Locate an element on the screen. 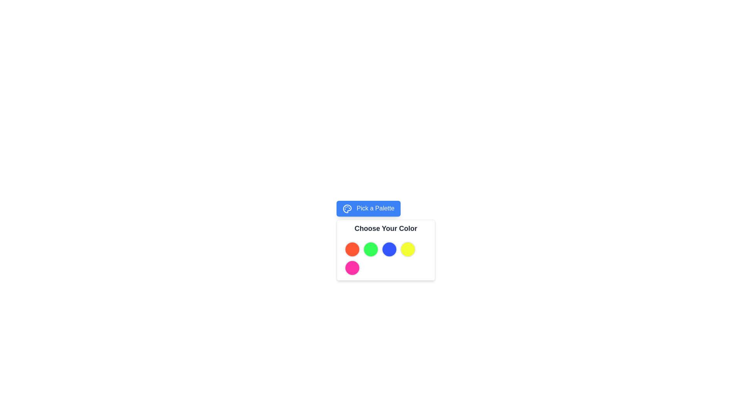 The width and height of the screenshot is (741, 417). the circular color selection button with a bright blue fill (#3357FF), which is the third button in the upper row of the color palette is located at coordinates (386, 250).